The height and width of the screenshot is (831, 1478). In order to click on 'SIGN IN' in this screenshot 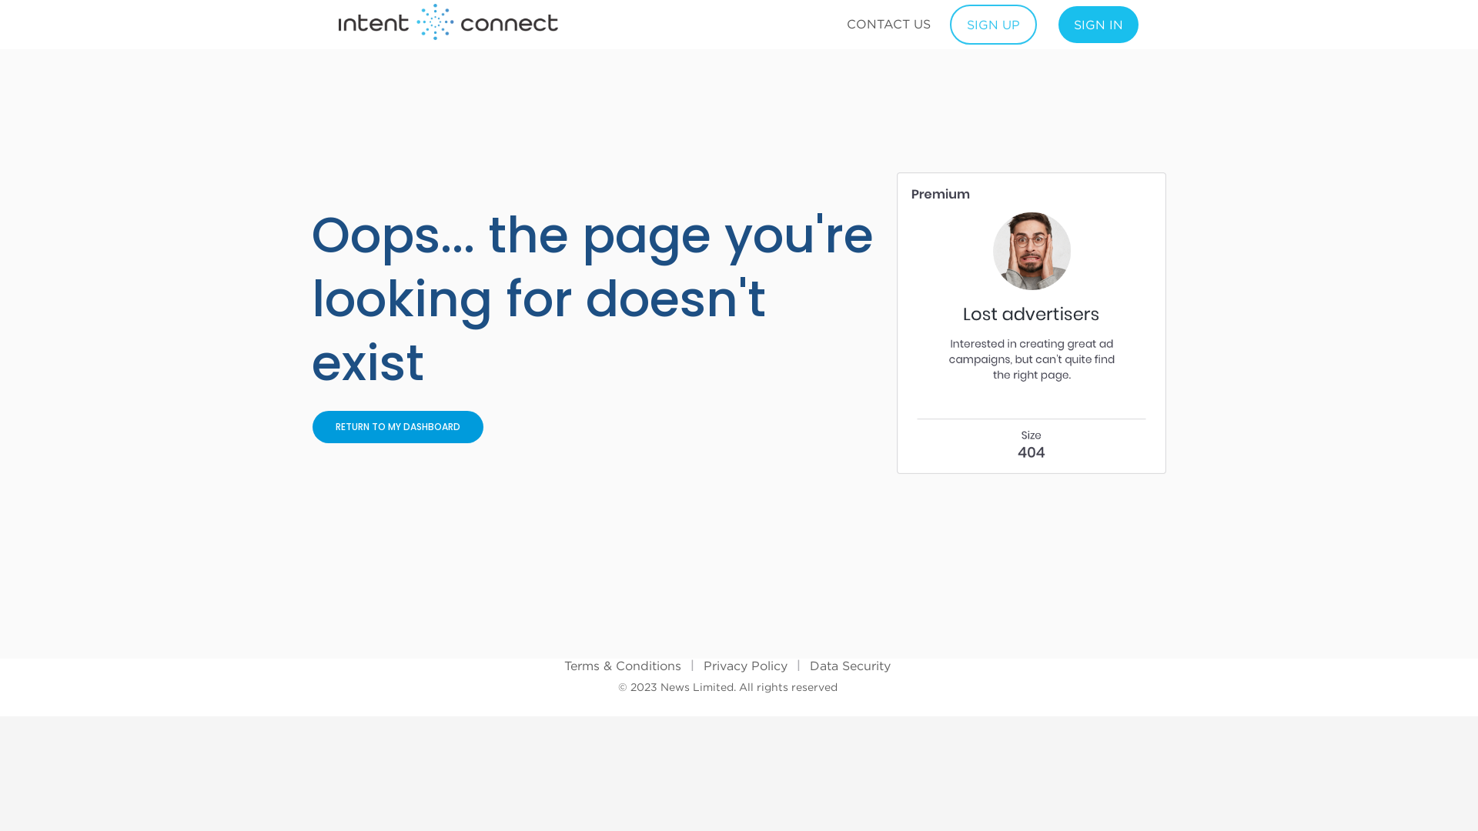, I will do `click(1097, 24)`.